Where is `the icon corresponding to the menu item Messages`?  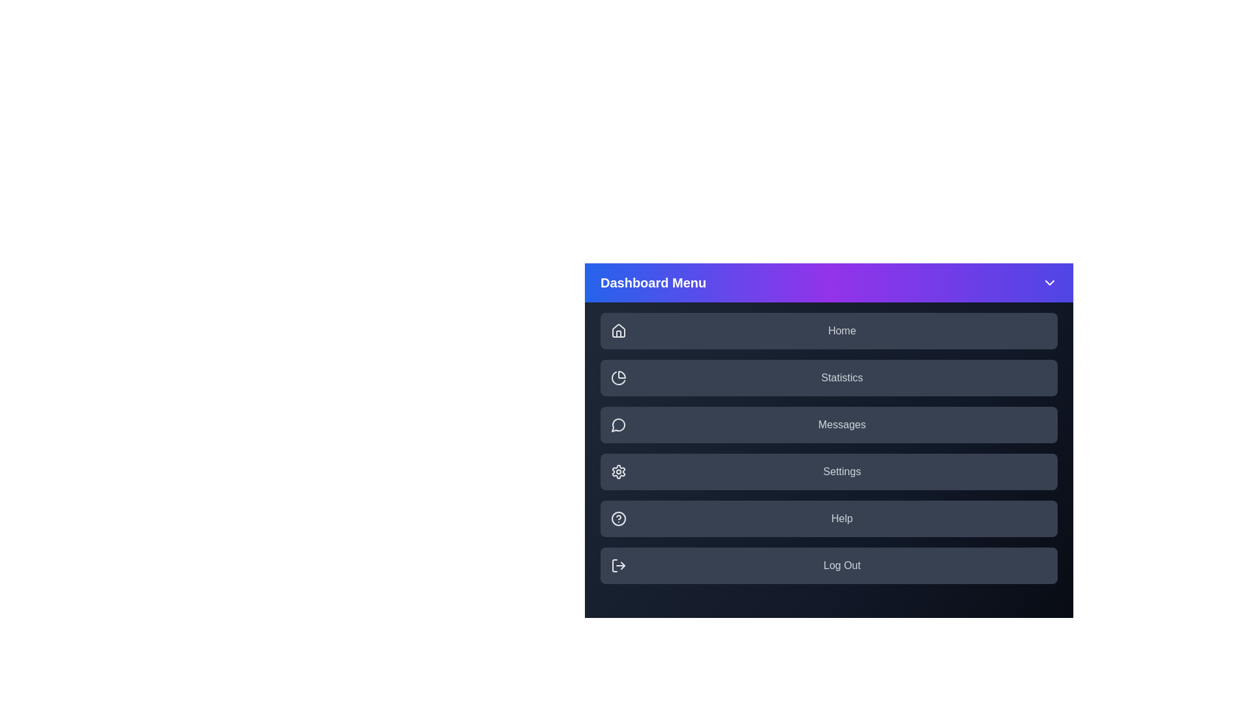 the icon corresponding to the menu item Messages is located at coordinates (618, 424).